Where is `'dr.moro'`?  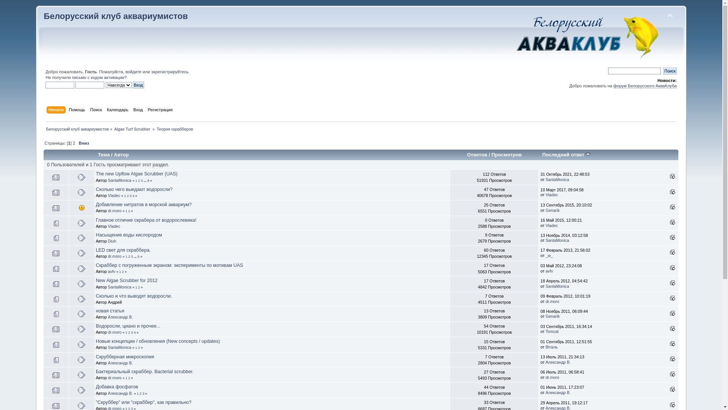 'dr.moro' is located at coordinates (114, 211).